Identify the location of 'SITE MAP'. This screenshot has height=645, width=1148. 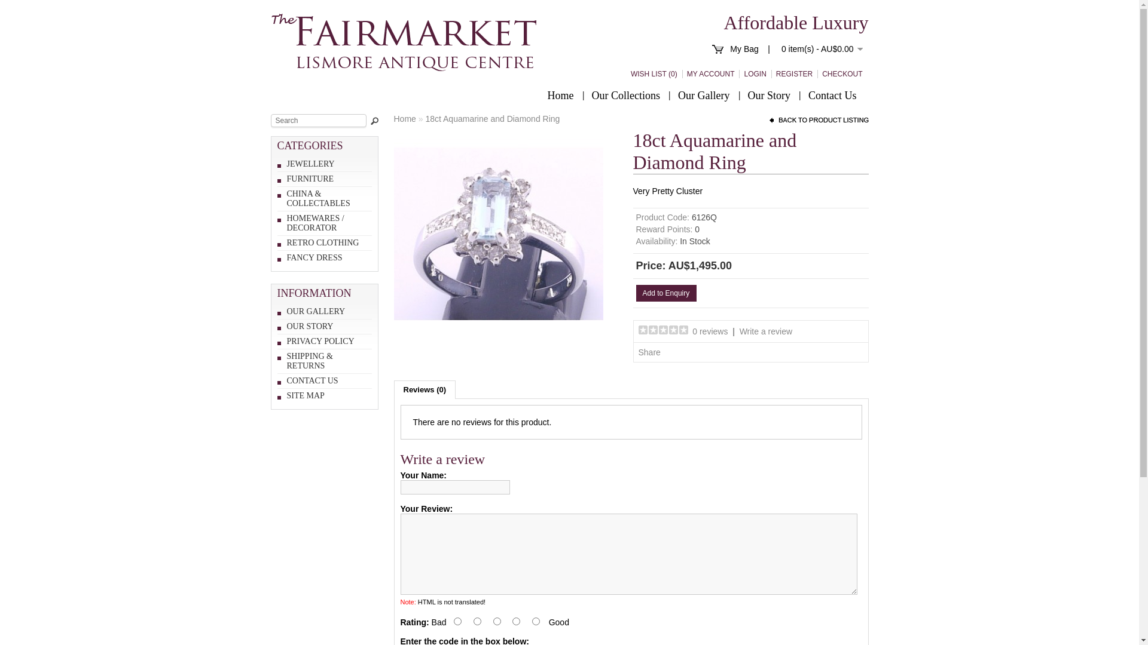
(306, 395).